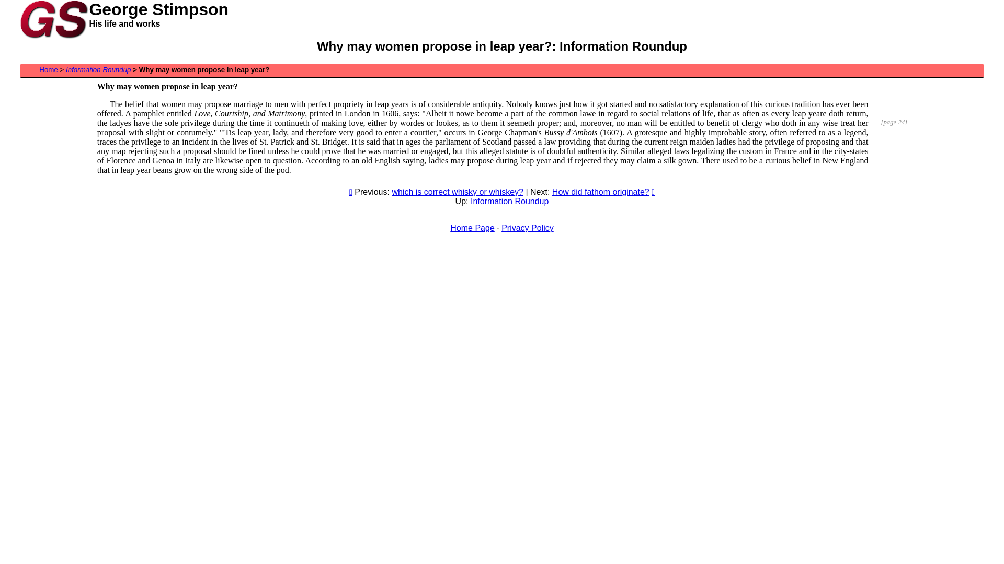 The height and width of the screenshot is (564, 1004). What do you see at coordinates (472, 227) in the screenshot?
I see `'Home Page'` at bounding box center [472, 227].